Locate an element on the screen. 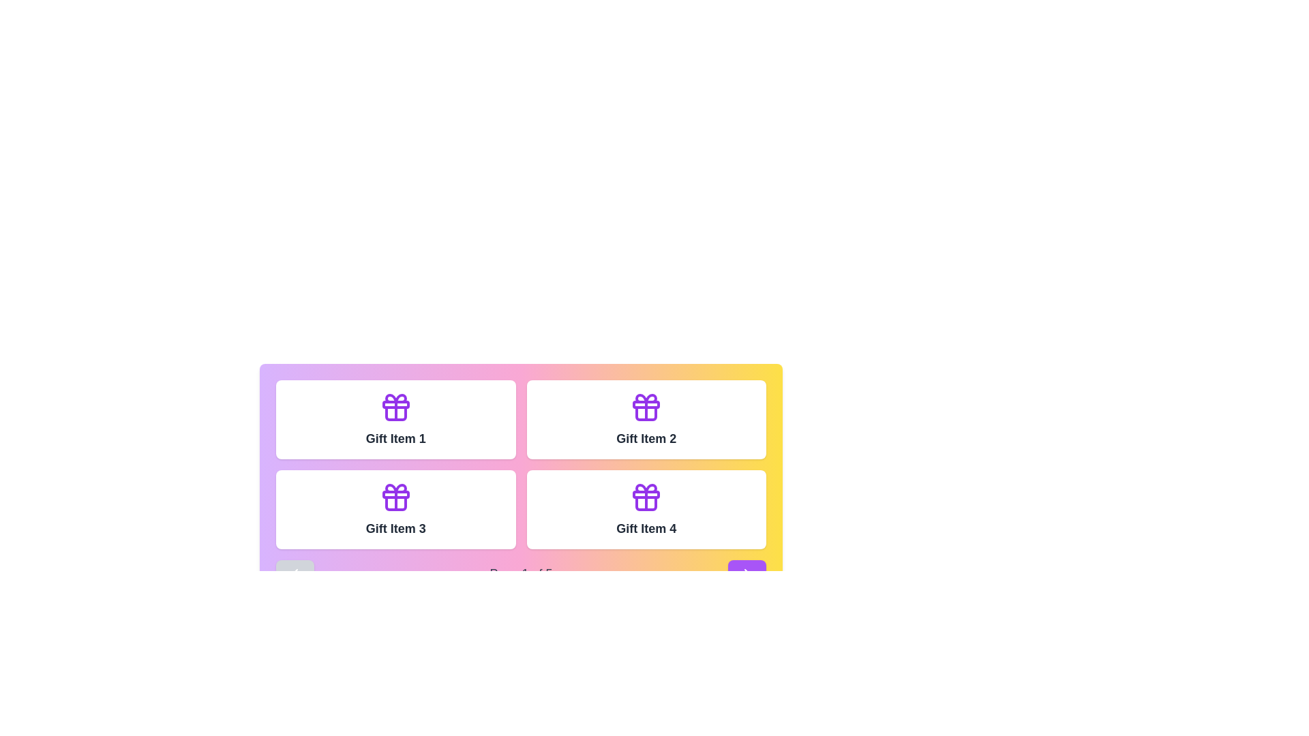 Image resolution: width=1309 pixels, height=736 pixels. the right-pointing chevron icon located within the purple button in the lower-right corner of the interface is located at coordinates (746, 573).